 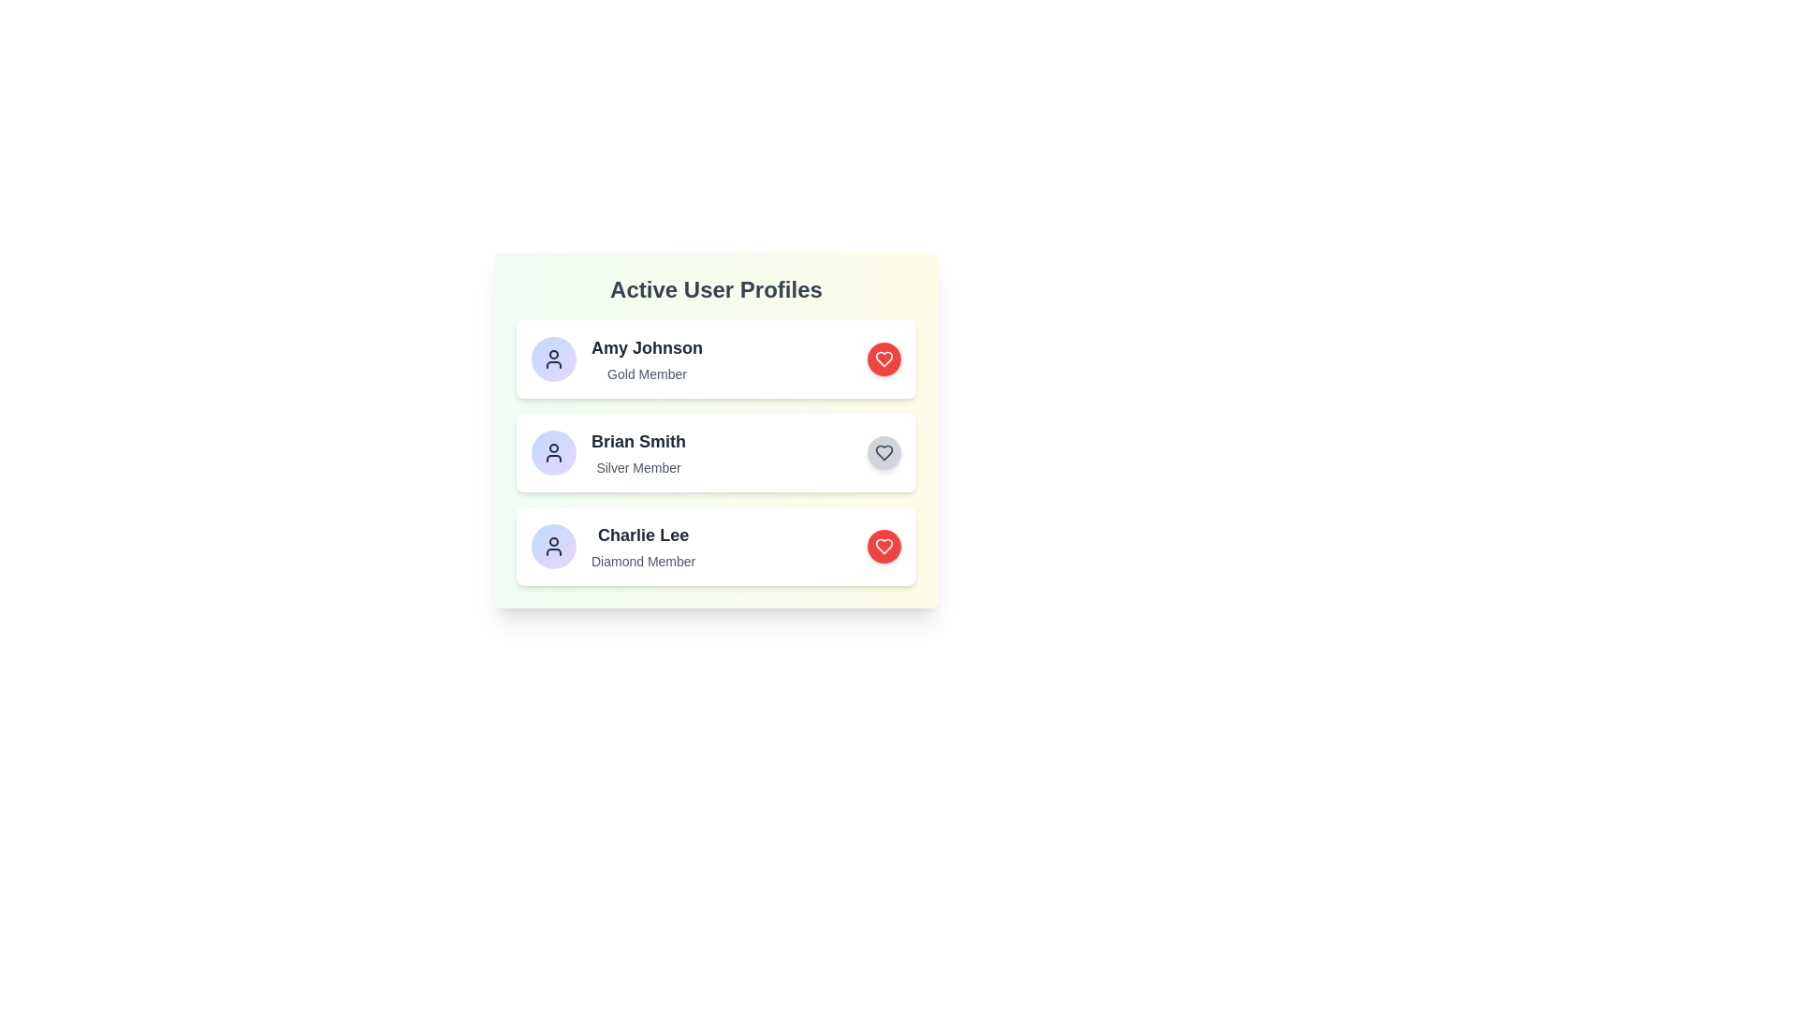 I want to click on the Decorative user icon placeholder, which is a circular button with a gradient background and a user symbol icon, located at the leftmost position of the first row in the user information component, so click(x=552, y=359).